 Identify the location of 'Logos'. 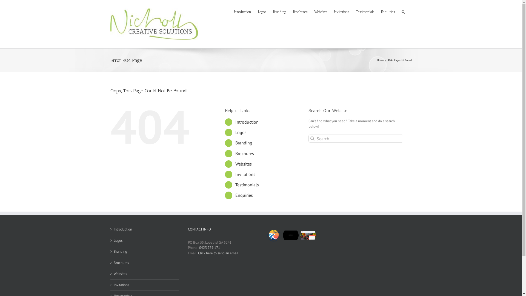
(145, 240).